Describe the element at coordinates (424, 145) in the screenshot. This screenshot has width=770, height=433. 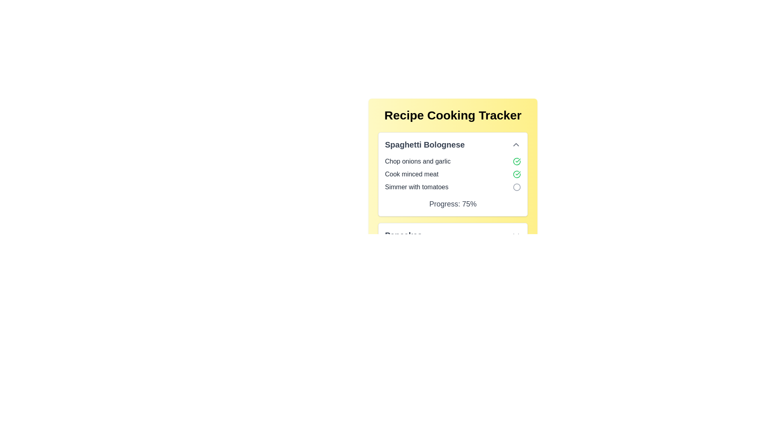
I see `the text label that represents the recipe title 'Spaghetti Bolognese' located in the upper-left of the card-like interface under 'Recipe Cooking Tracker'` at that location.